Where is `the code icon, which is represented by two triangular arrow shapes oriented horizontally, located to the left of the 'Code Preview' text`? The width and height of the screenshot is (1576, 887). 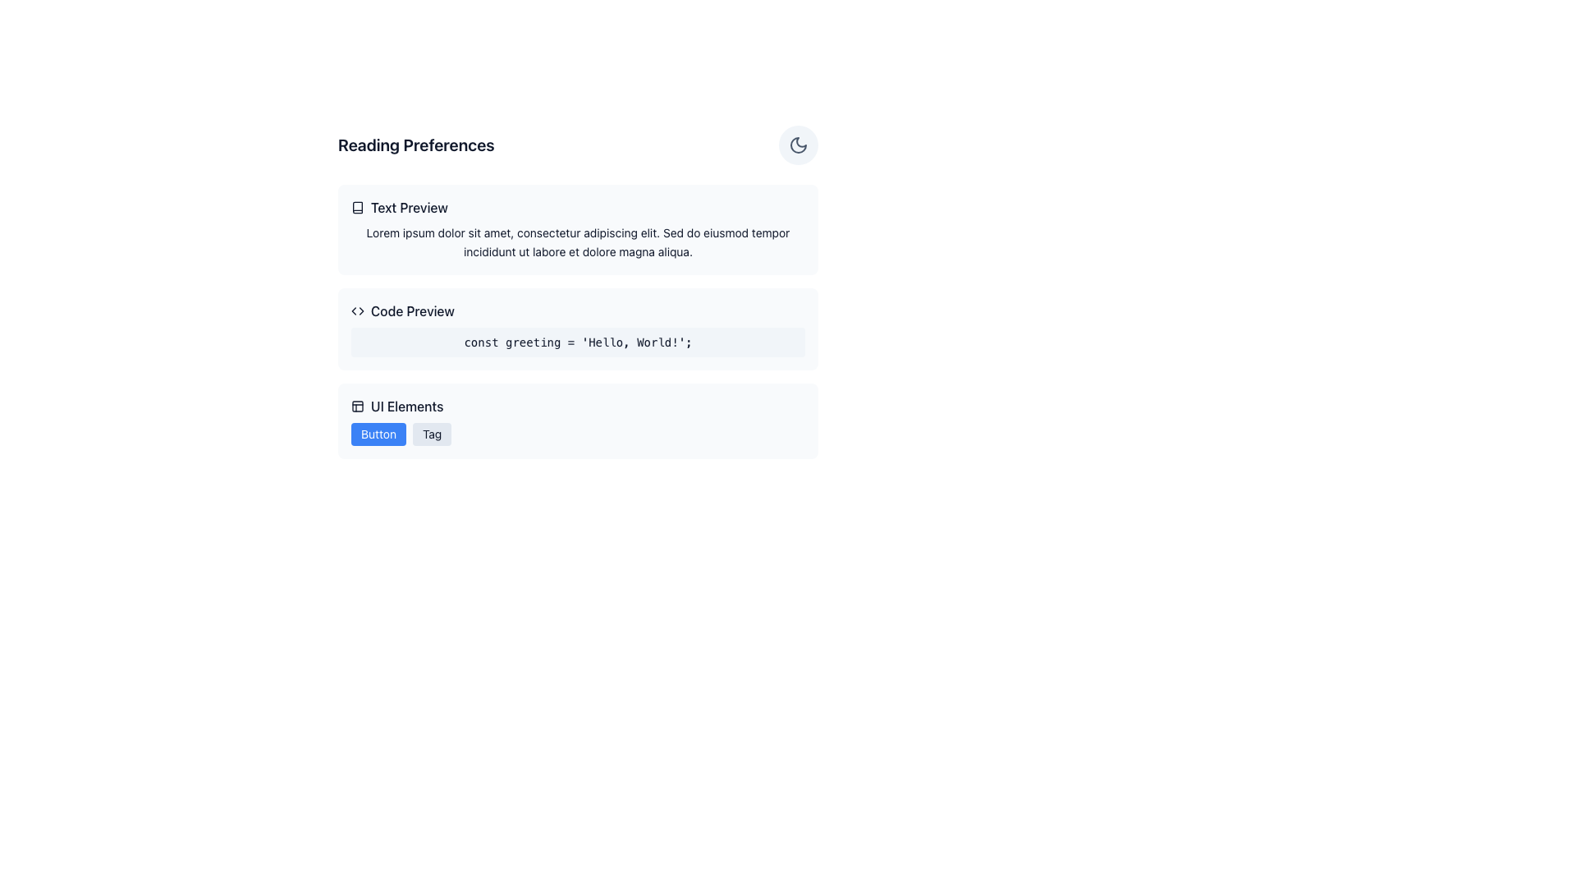
the code icon, which is represented by two triangular arrow shapes oriented horizontally, located to the left of the 'Code Preview' text is located at coordinates (357, 310).